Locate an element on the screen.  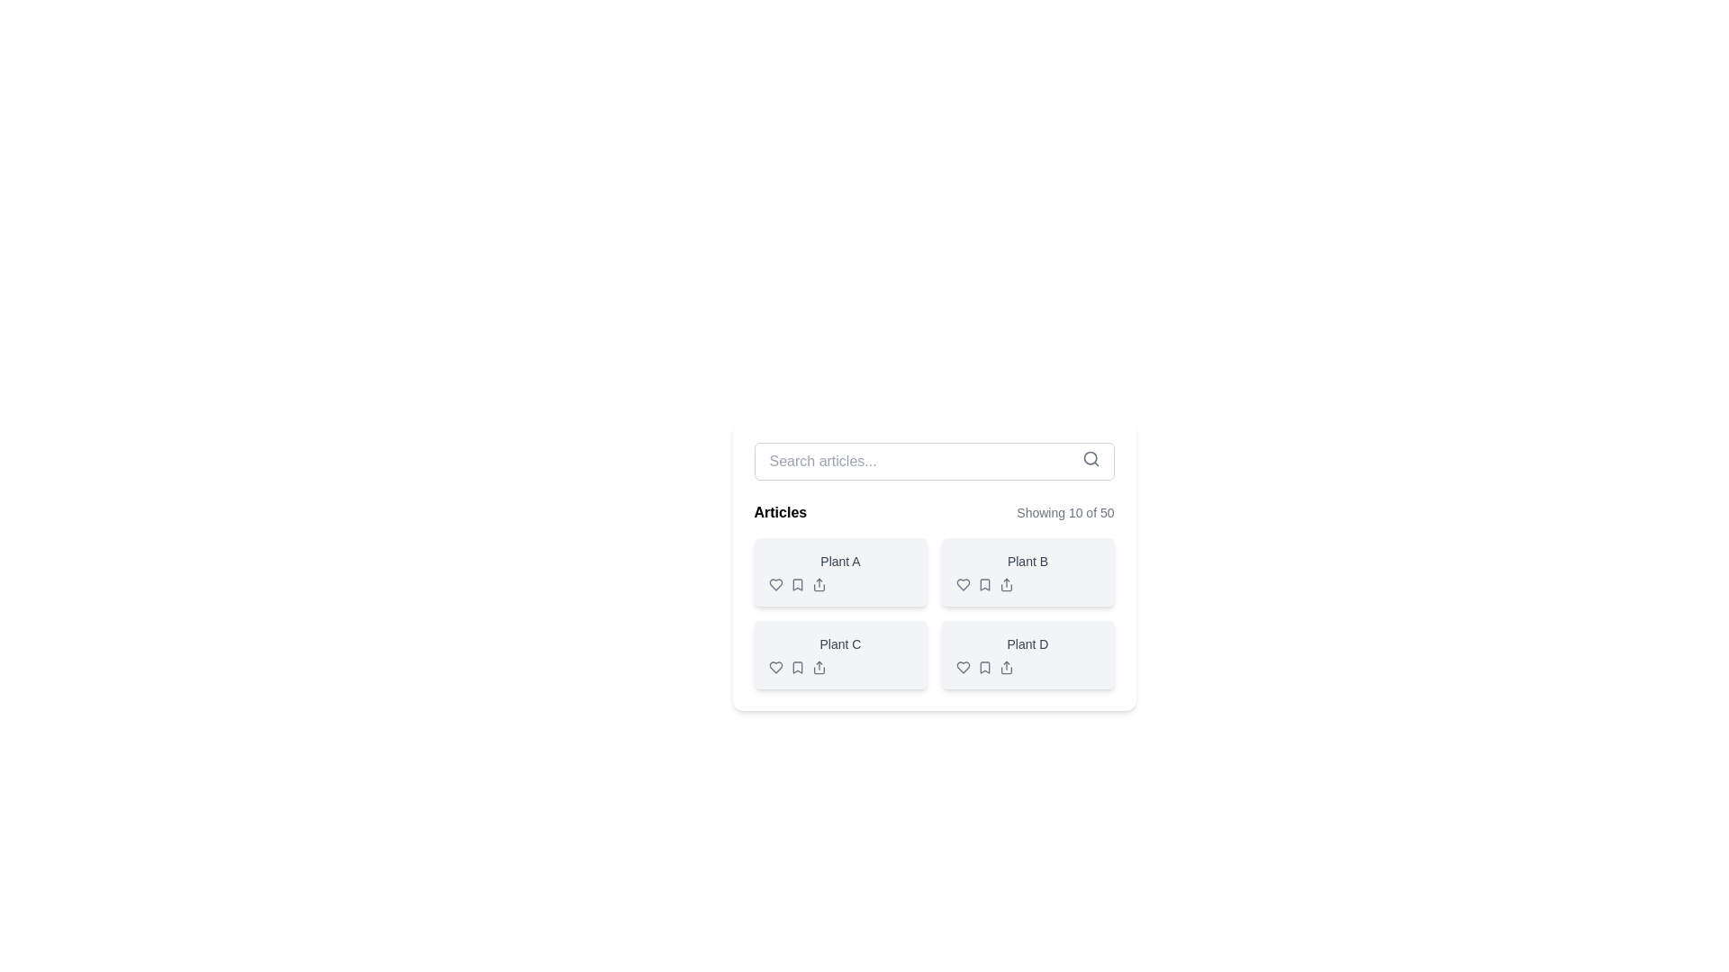
the small heart-shaped icon with a stroke outline in the bottom-right card labeled 'Plant D', which represents a favorite or like function is located at coordinates (962, 667).